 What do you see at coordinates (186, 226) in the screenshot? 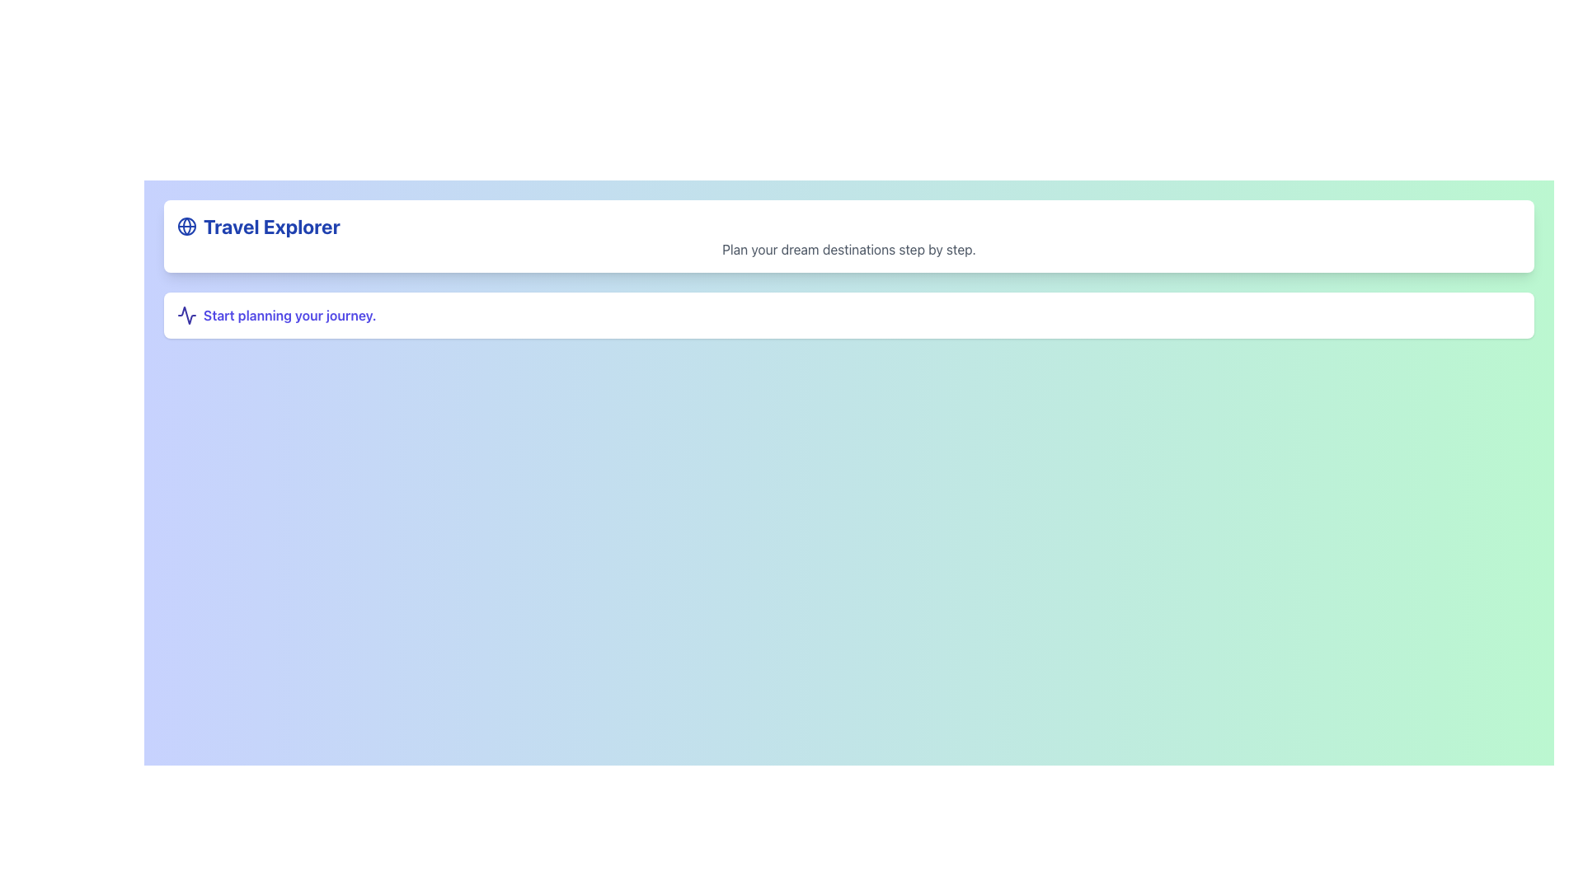
I see `the Circle element of the SVG graphic that is part of the 'Travel Explorer' logo located in the upper-left quadrant of the interface` at bounding box center [186, 226].